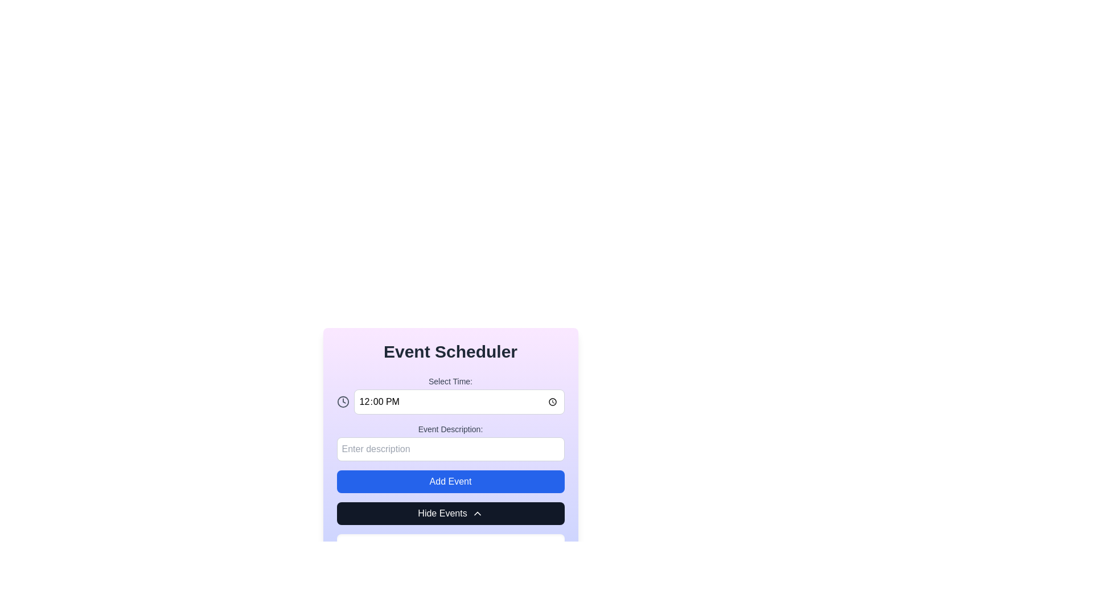  Describe the element at coordinates (459, 401) in the screenshot. I see `the Time Input Field located within the 'Select Time:' interface to focus on it` at that location.